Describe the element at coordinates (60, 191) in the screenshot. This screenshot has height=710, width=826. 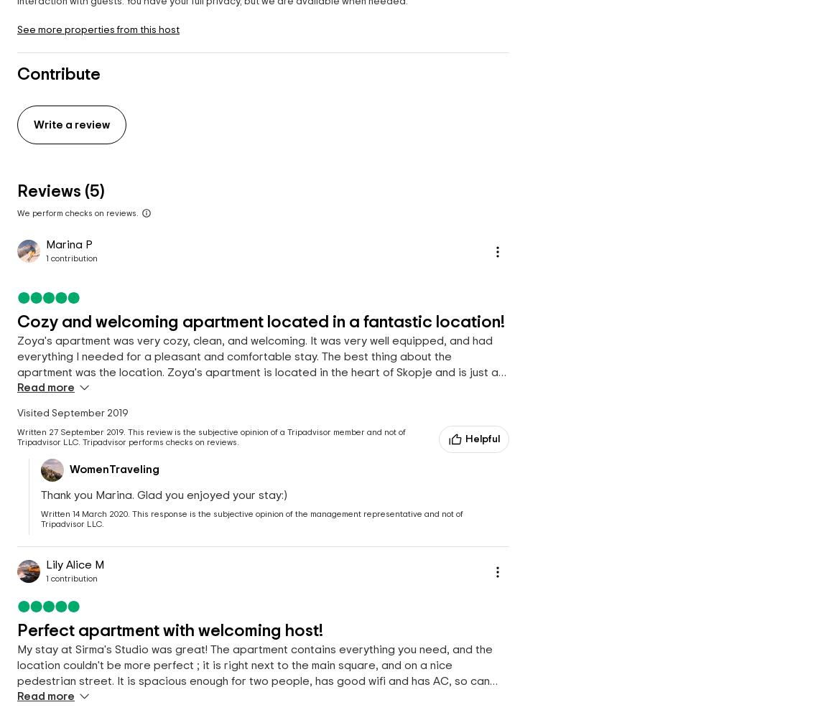
I see `'Reviews (5)'` at that location.